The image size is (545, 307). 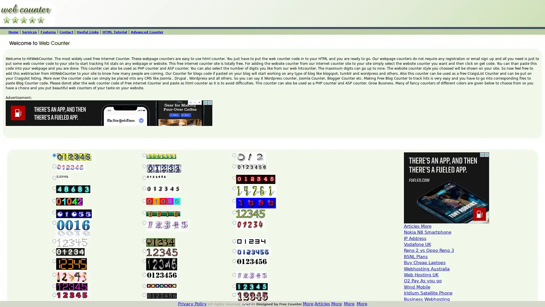 What do you see at coordinates (161, 155) in the screenshot?
I see `Submit` at bounding box center [161, 155].